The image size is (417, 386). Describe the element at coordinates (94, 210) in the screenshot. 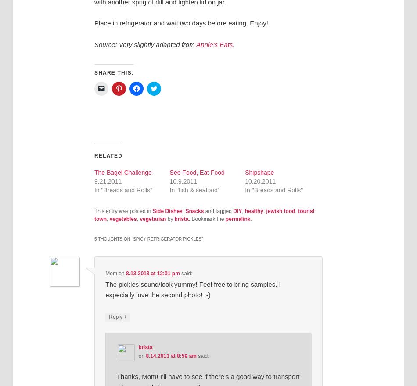

I see `'This entry was posted in'` at that location.